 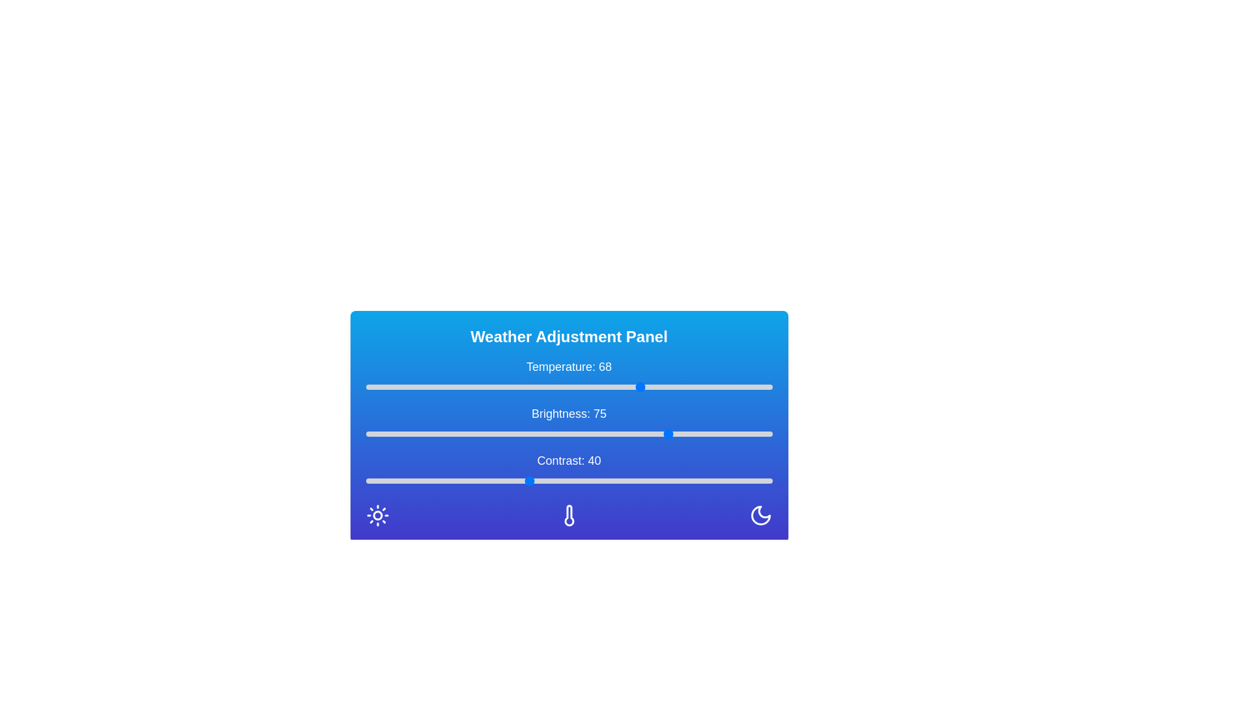 What do you see at coordinates (381, 480) in the screenshot?
I see `the contrast slider to 4` at bounding box center [381, 480].